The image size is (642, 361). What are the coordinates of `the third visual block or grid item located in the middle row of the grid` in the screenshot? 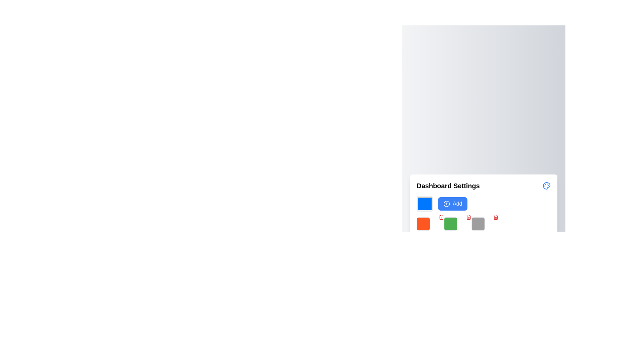 It's located at (455, 224).